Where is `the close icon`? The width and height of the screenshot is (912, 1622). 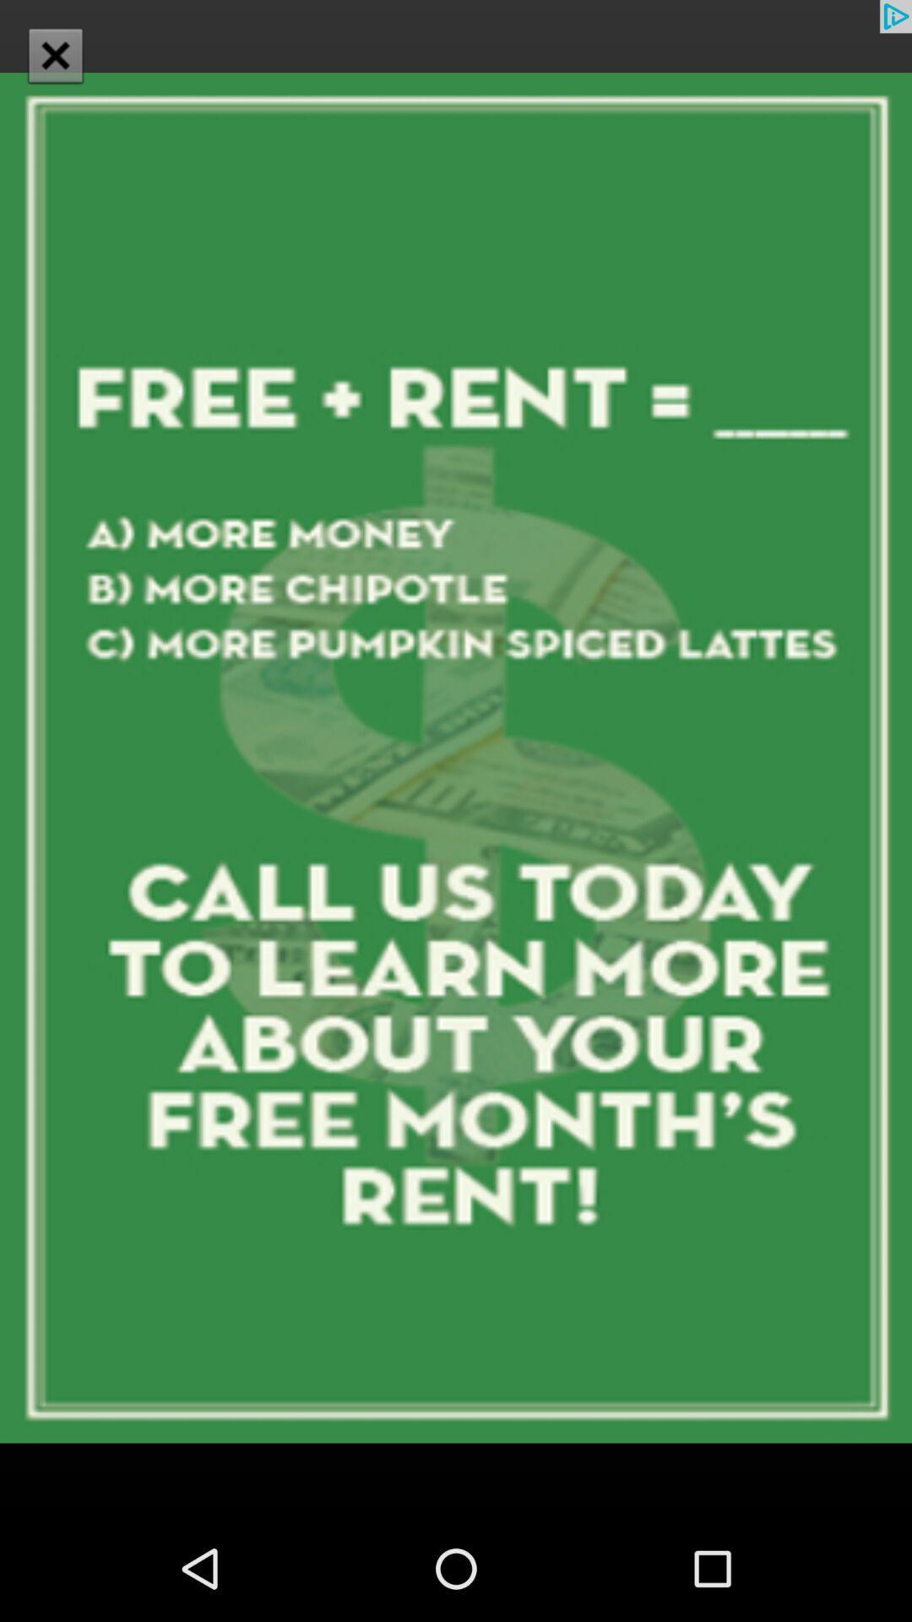 the close icon is located at coordinates (54, 59).